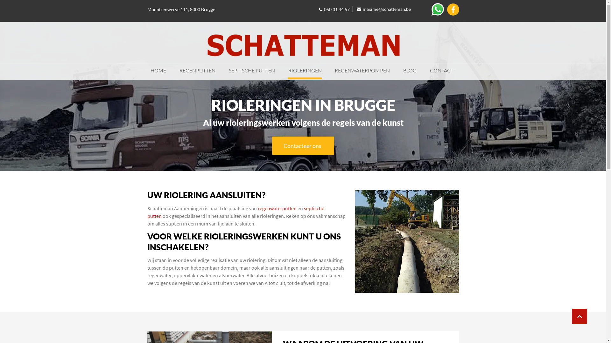  I want to click on 'REGENWATERPOMPEN', so click(362, 71).